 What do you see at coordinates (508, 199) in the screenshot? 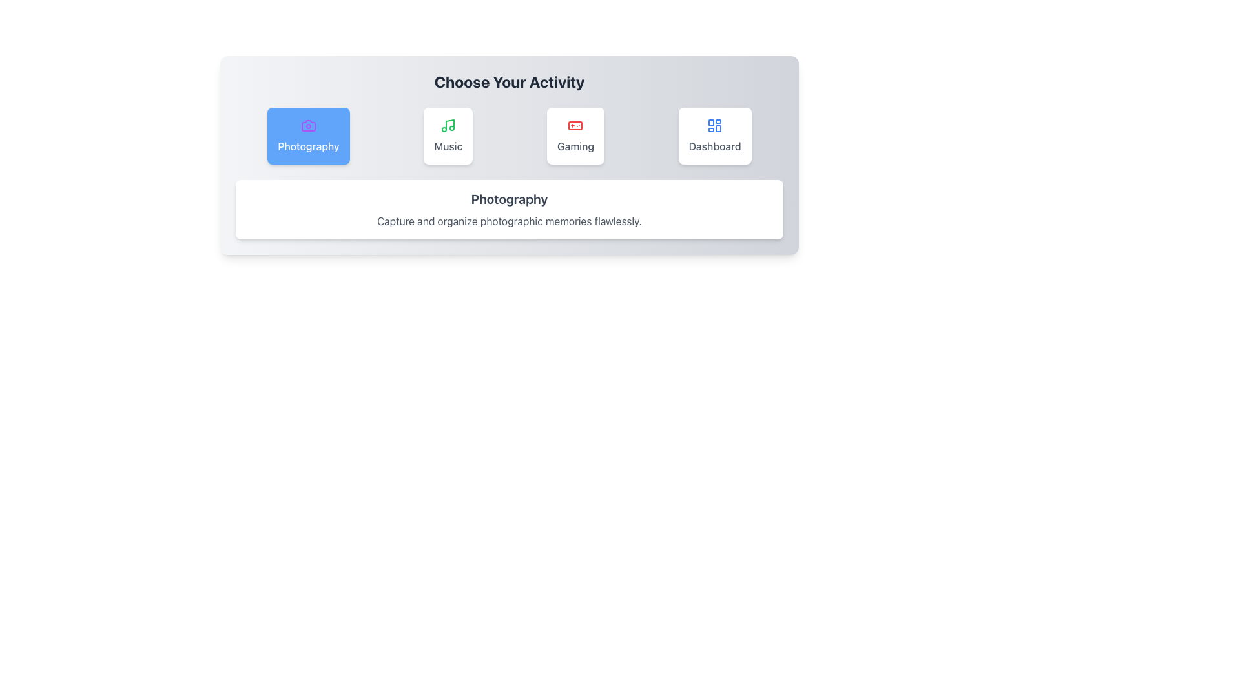
I see `the 'Photography' title text label, which serves as the heading for the photography section within a card-like box` at bounding box center [508, 199].